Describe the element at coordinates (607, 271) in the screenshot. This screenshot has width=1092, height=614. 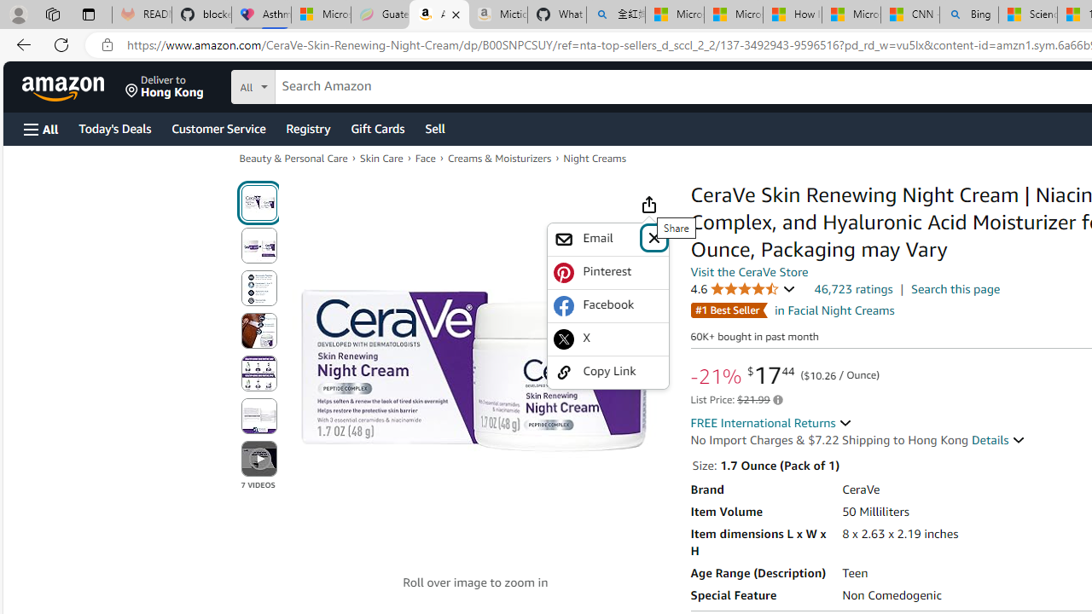
I see `'Pinterest'` at that location.